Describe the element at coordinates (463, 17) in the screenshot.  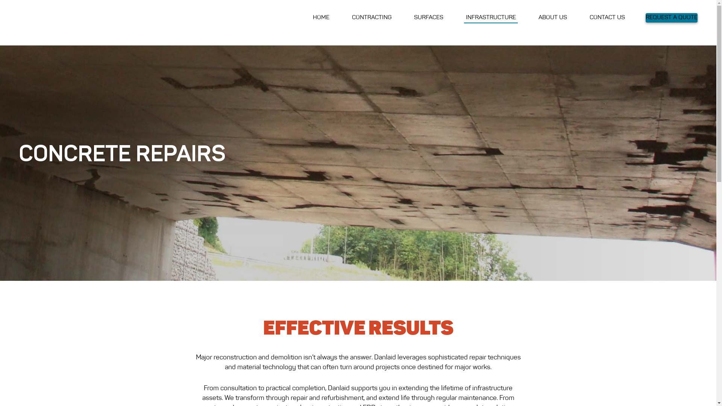
I see `'INFRASTRUCTURE'` at that location.